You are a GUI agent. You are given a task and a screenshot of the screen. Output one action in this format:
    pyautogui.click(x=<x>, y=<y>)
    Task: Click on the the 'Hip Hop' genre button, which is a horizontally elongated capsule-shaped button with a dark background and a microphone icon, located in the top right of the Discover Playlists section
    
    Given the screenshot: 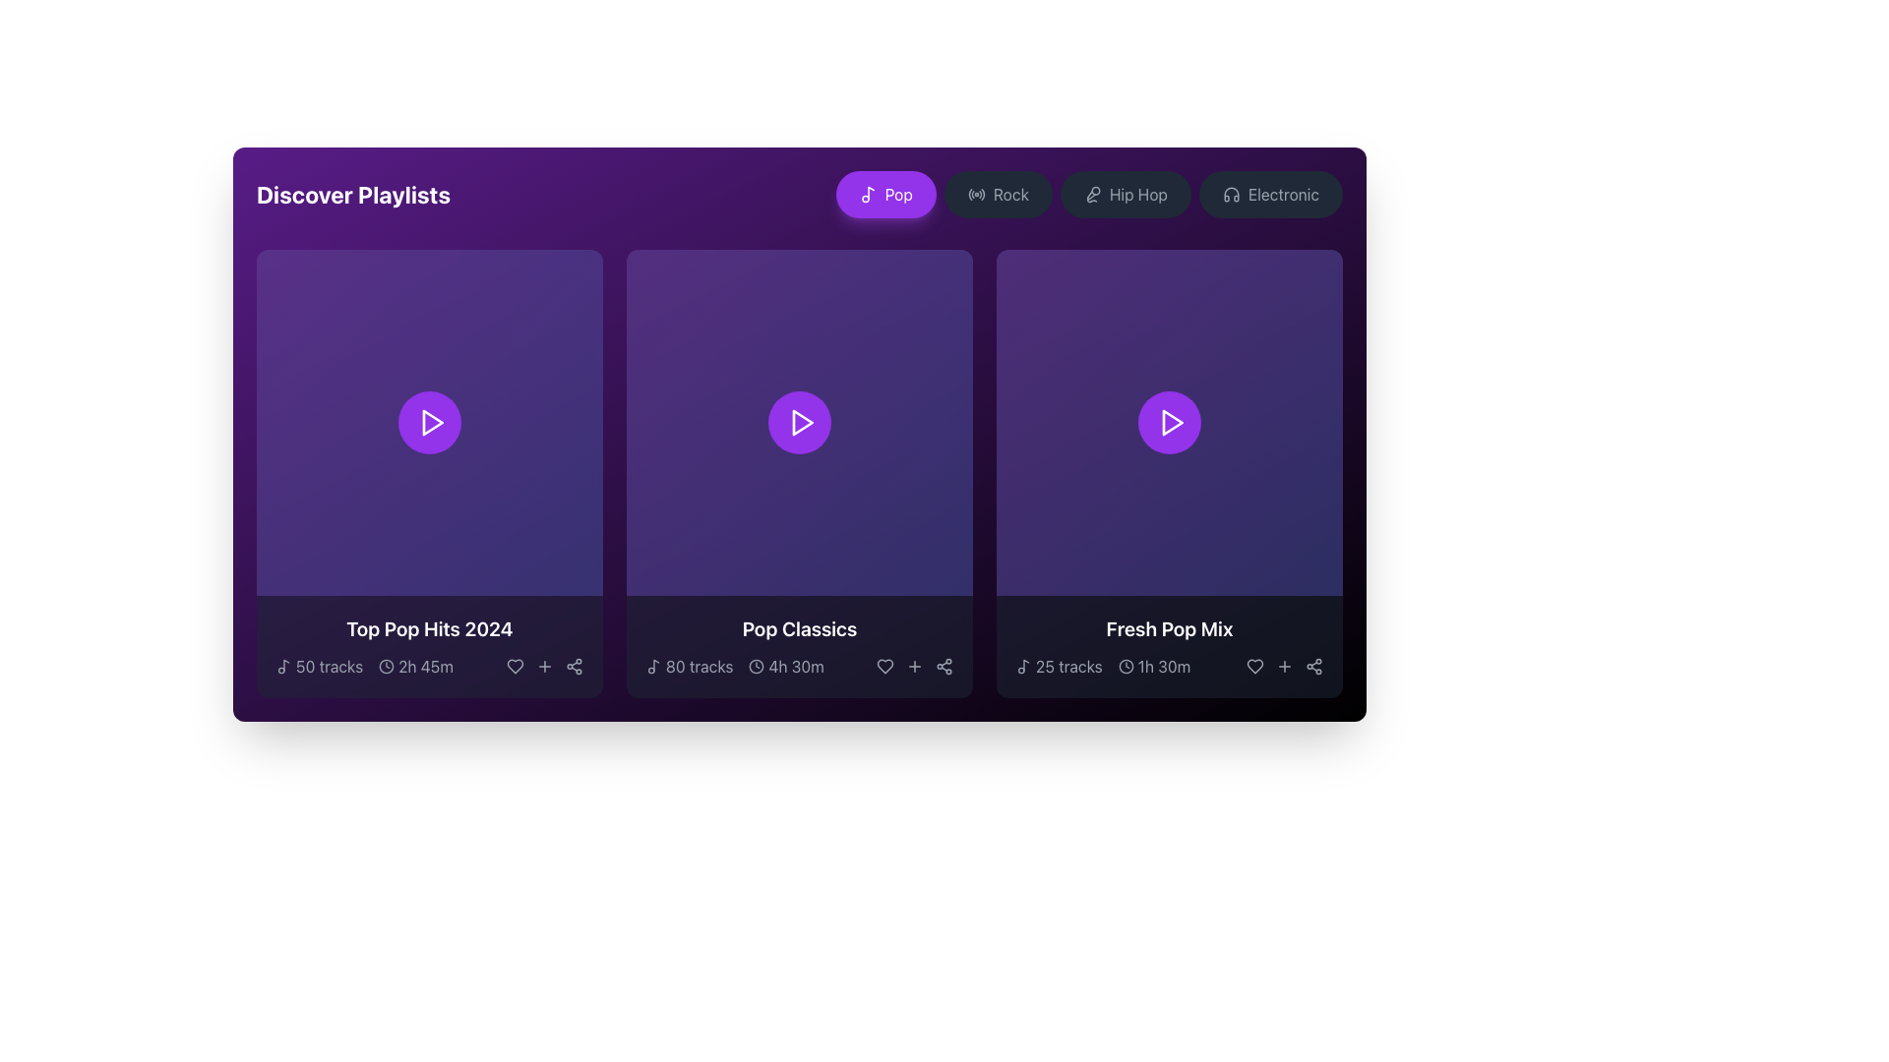 What is the action you would take?
    pyautogui.click(x=1126, y=194)
    